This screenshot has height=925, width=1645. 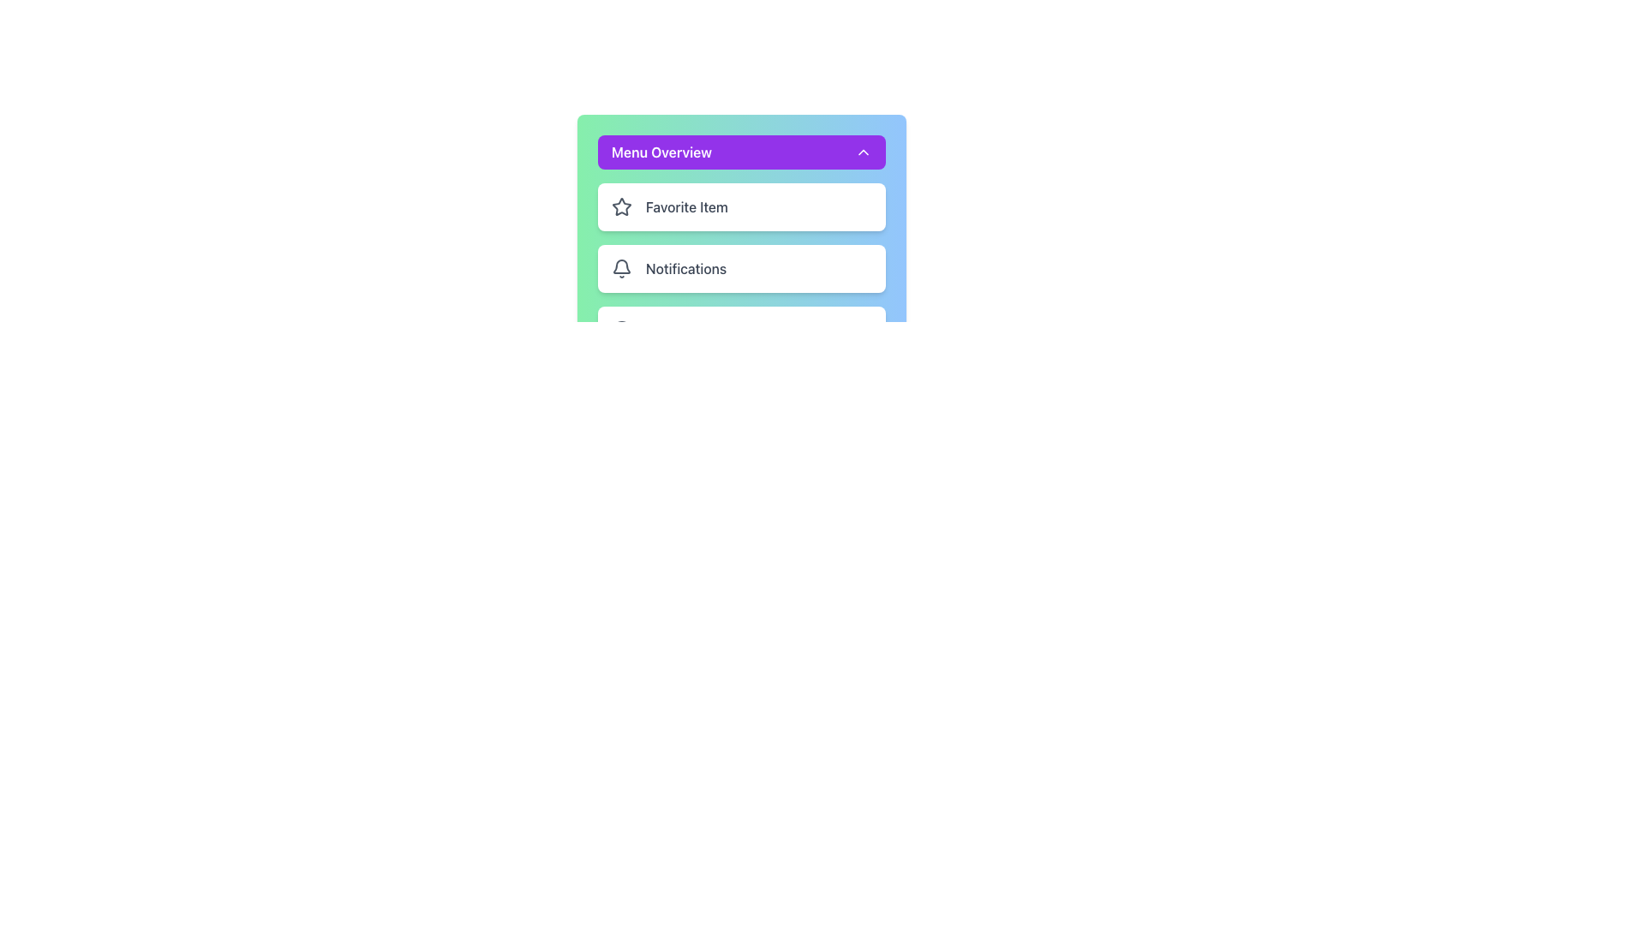 What do you see at coordinates (661, 151) in the screenshot?
I see `the 'Menu Overview' text label, which is styled with white text on a purple background, located near the top of the navigation menu` at bounding box center [661, 151].